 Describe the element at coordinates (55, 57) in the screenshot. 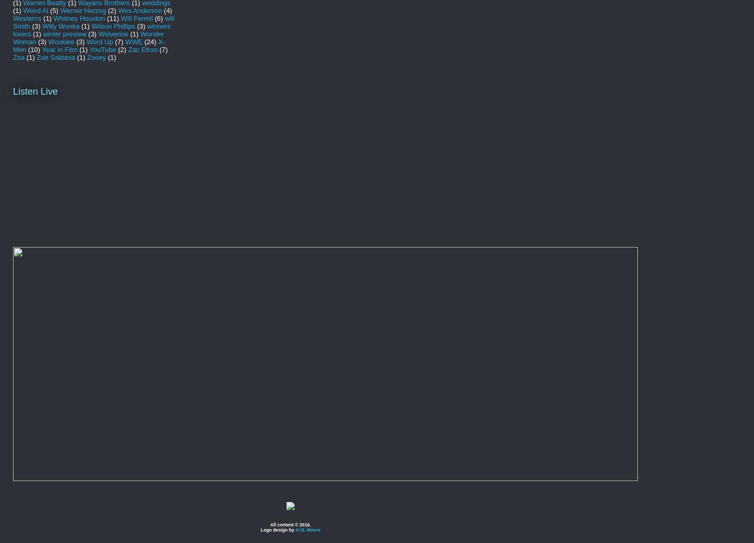

I see `'Zoe Saldana'` at that location.